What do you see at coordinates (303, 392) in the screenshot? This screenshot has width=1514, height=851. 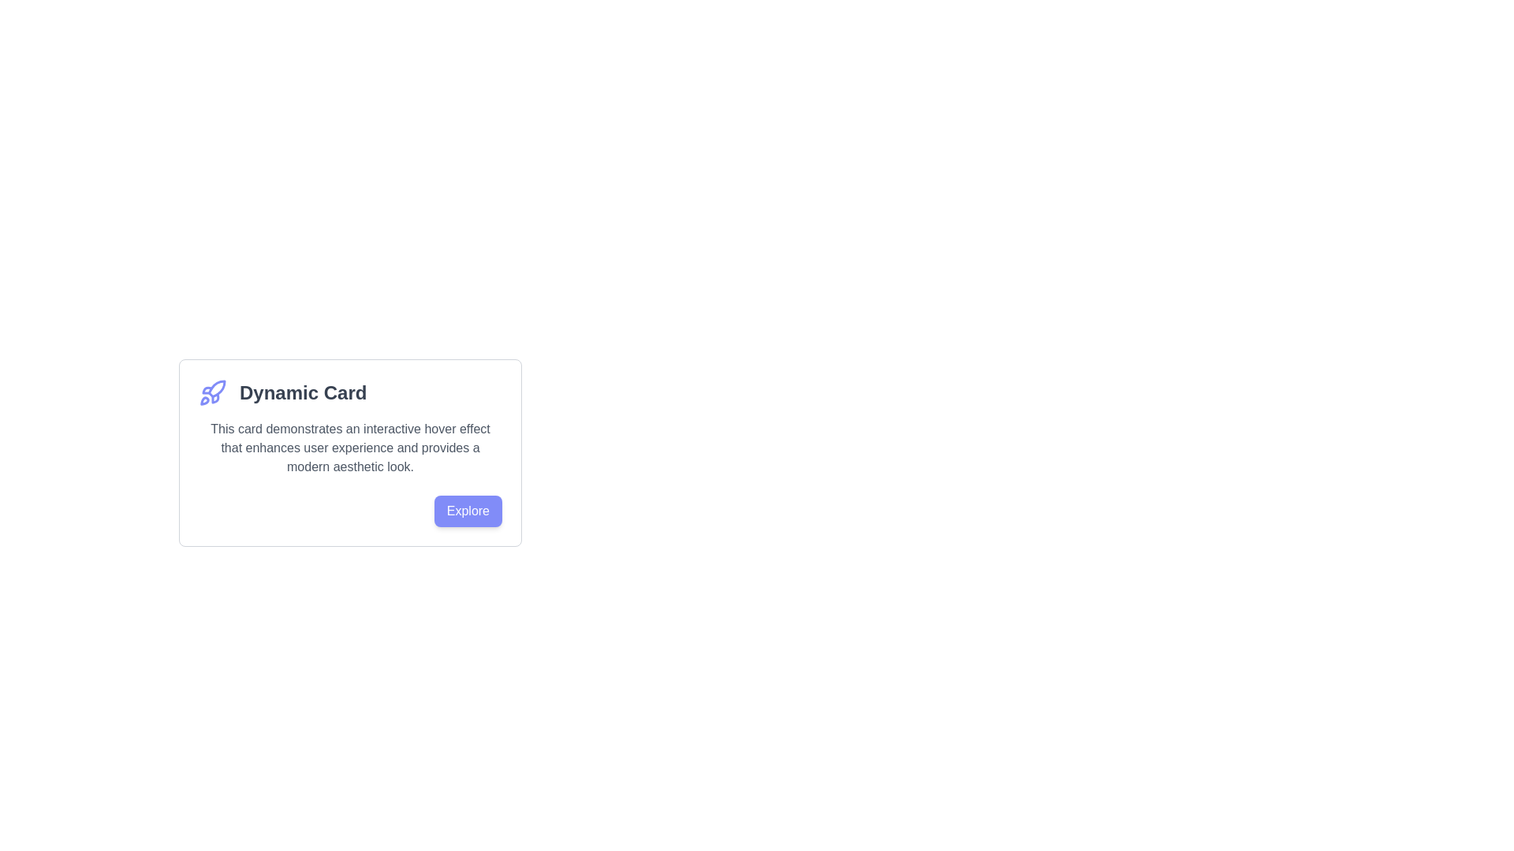 I see `the 'Dynamic Card' text label, which is prominently displayed in a large, bold gray typeface within a card-like structure` at bounding box center [303, 392].